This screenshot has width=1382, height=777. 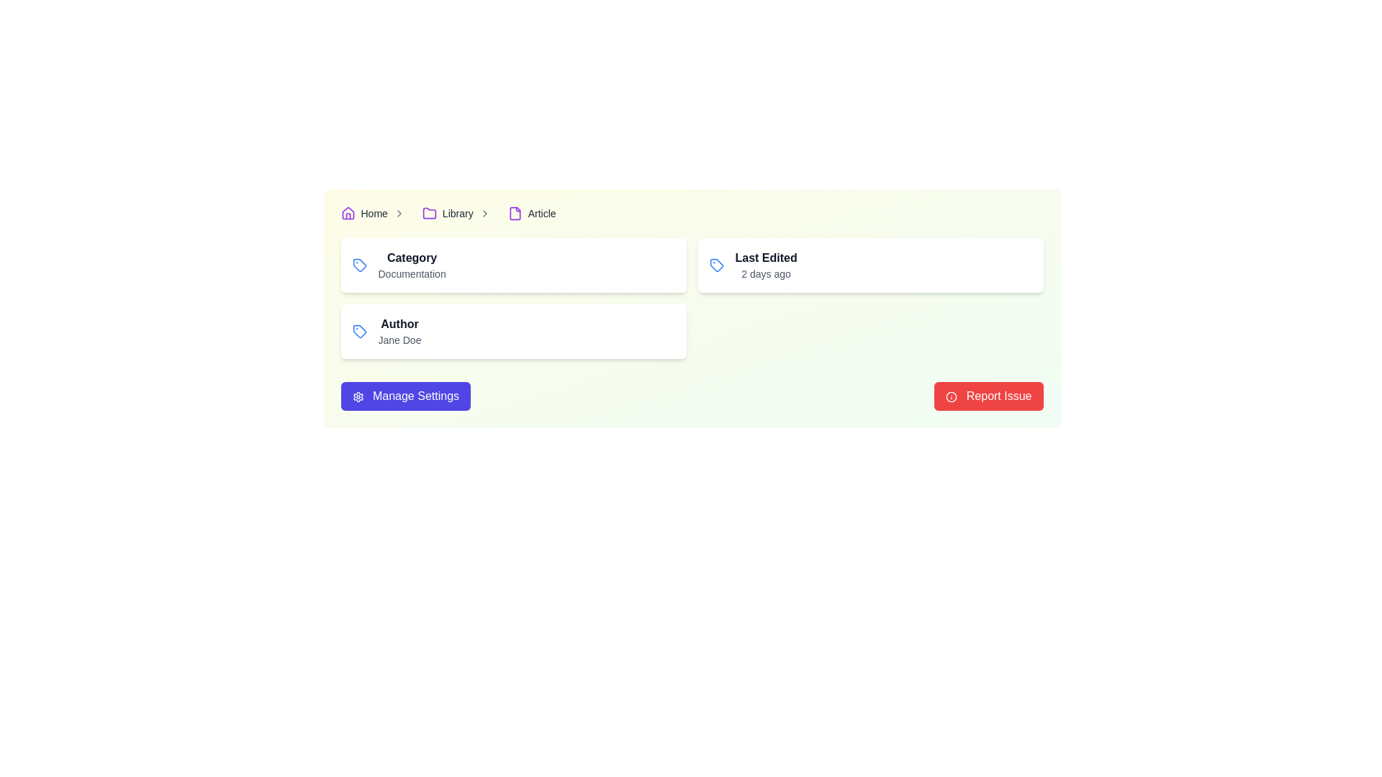 I want to click on the 'Article' breadcrumb navigation item, which consists of a purple file icon followed by the label 'Article' in black text, so click(x=531, y=214).